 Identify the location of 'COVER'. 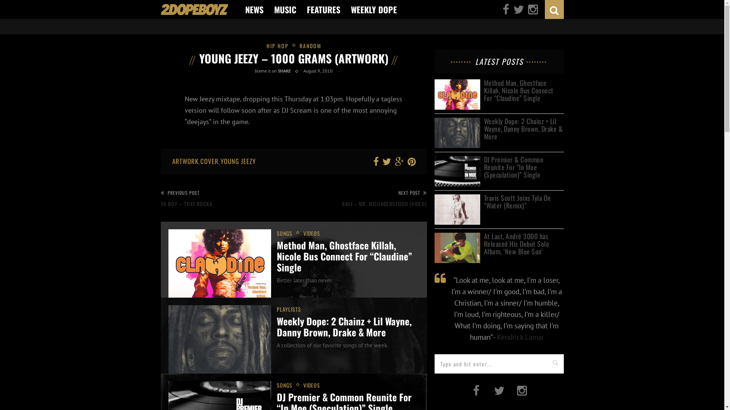
(200, 161).